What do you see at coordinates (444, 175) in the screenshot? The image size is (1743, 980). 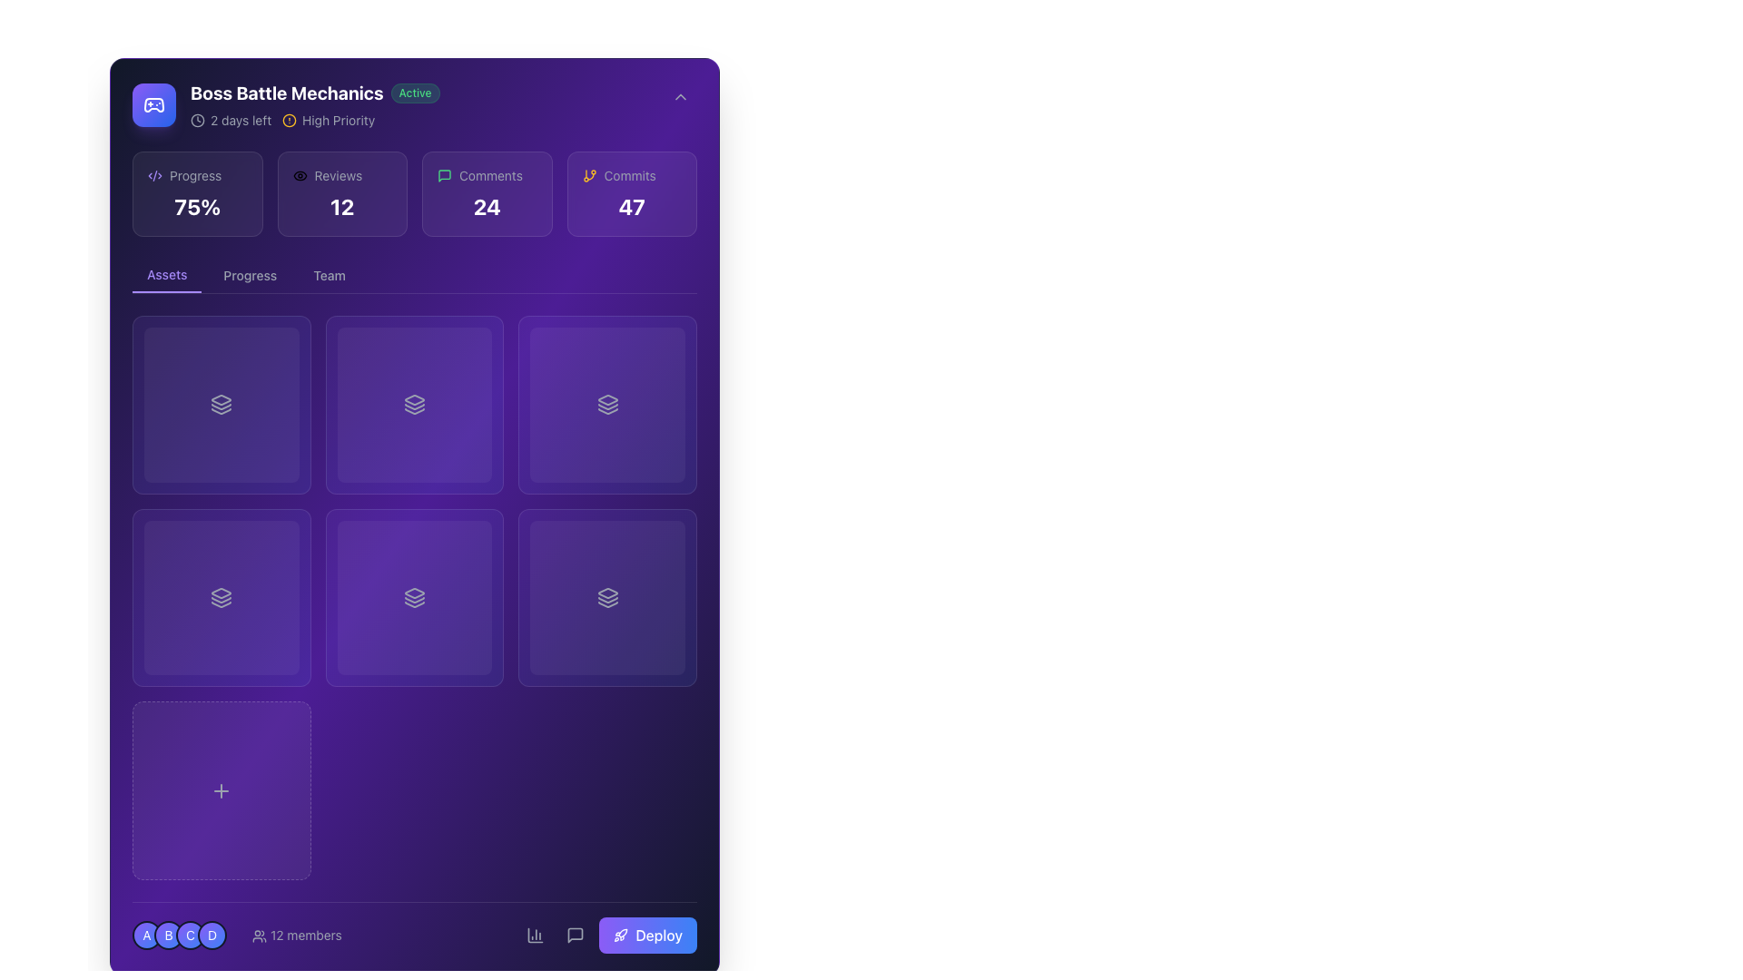 I see `the speech bubble icon, which is located to the left of the comment count '24' in the 'Comments' section` at bounding box center [444, 175].